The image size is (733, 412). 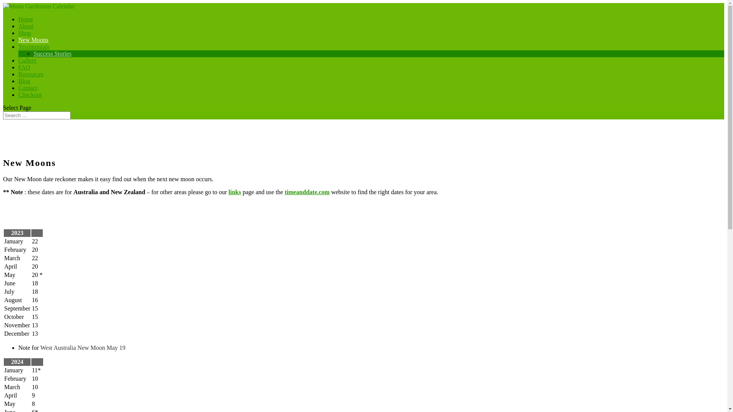 What do you see at coordinates (30, 98) in the screenshot?
I see `'Checkout'` at bounding box center [30, 98].